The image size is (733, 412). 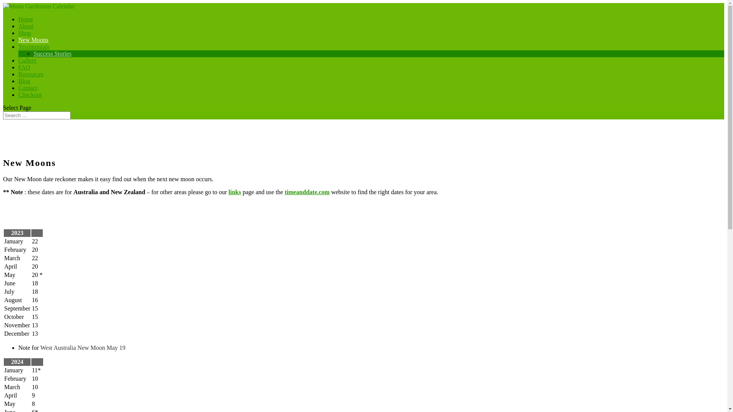 What do you see at coordinates (30, 98) in the screenshot?
I see `'Checkout'` at bounding box center [30, 98].